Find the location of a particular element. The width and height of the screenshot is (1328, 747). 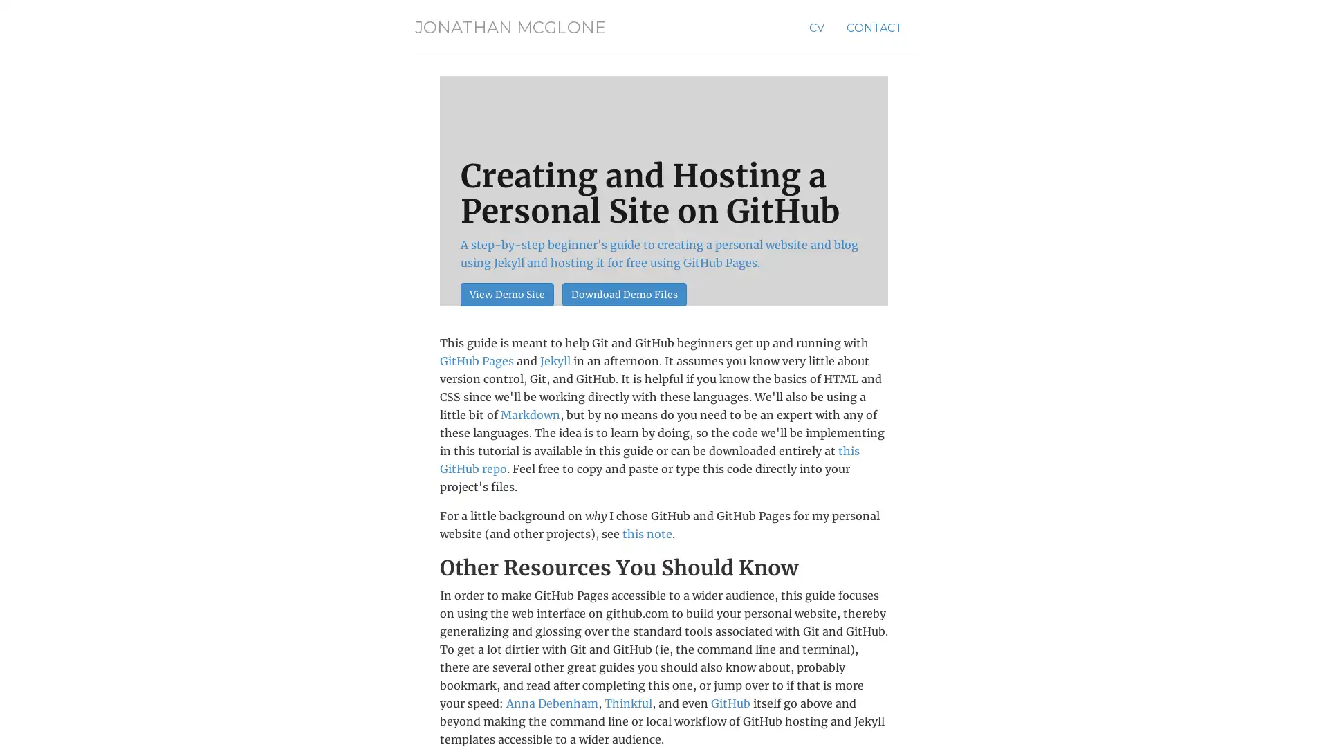

Download Demo Files is located at coordinates (623, 293).